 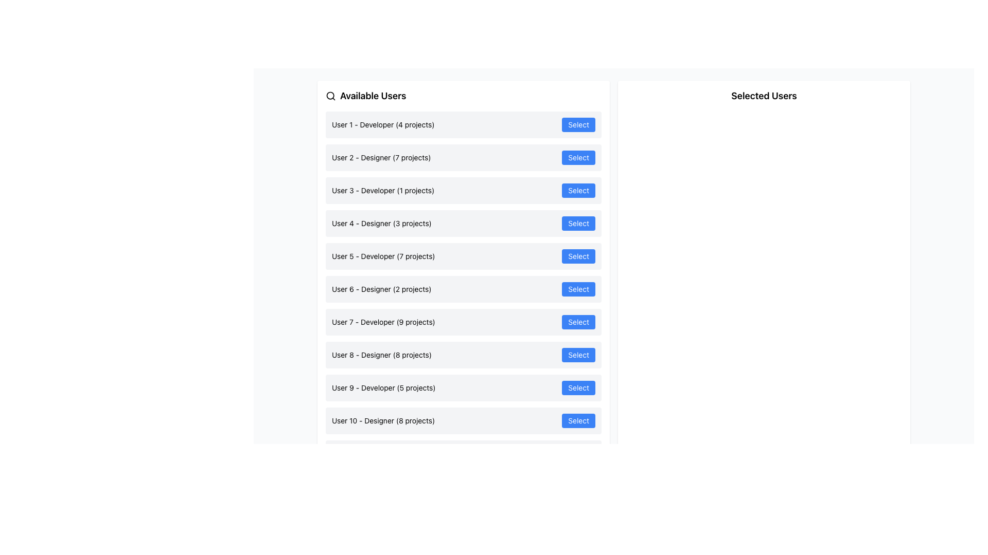 What do you see at coordinates (578, 223) in the screenshot?
I see `the 'Select' button with a blue background and white text, located on the right side of 'User 4 - Designer (3 projects)' in the 'Available Users' section` at bounding box center [578, 223].